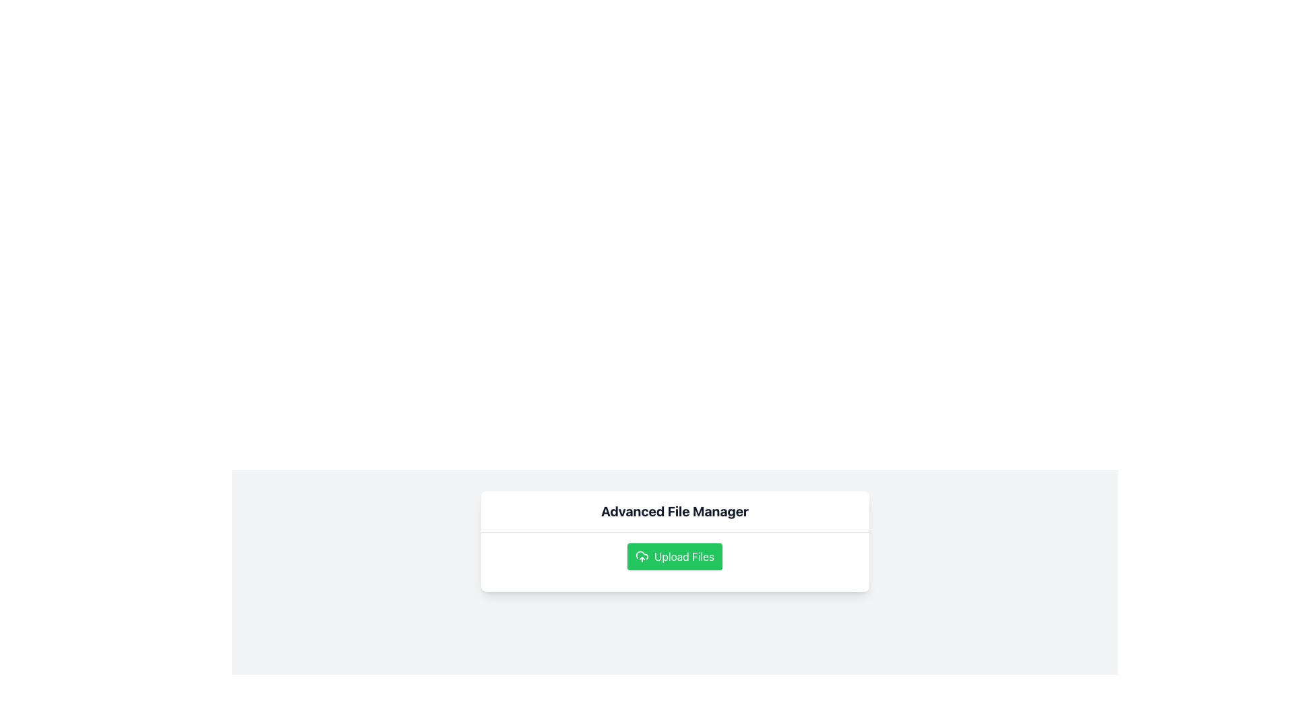 Image resolution: width=1294 pixels, height=728 pixels. I want to click on the 'Upload Files' button in the centered card component of the Advanced File Manager to initiate the file upload process, so click(675, 541).